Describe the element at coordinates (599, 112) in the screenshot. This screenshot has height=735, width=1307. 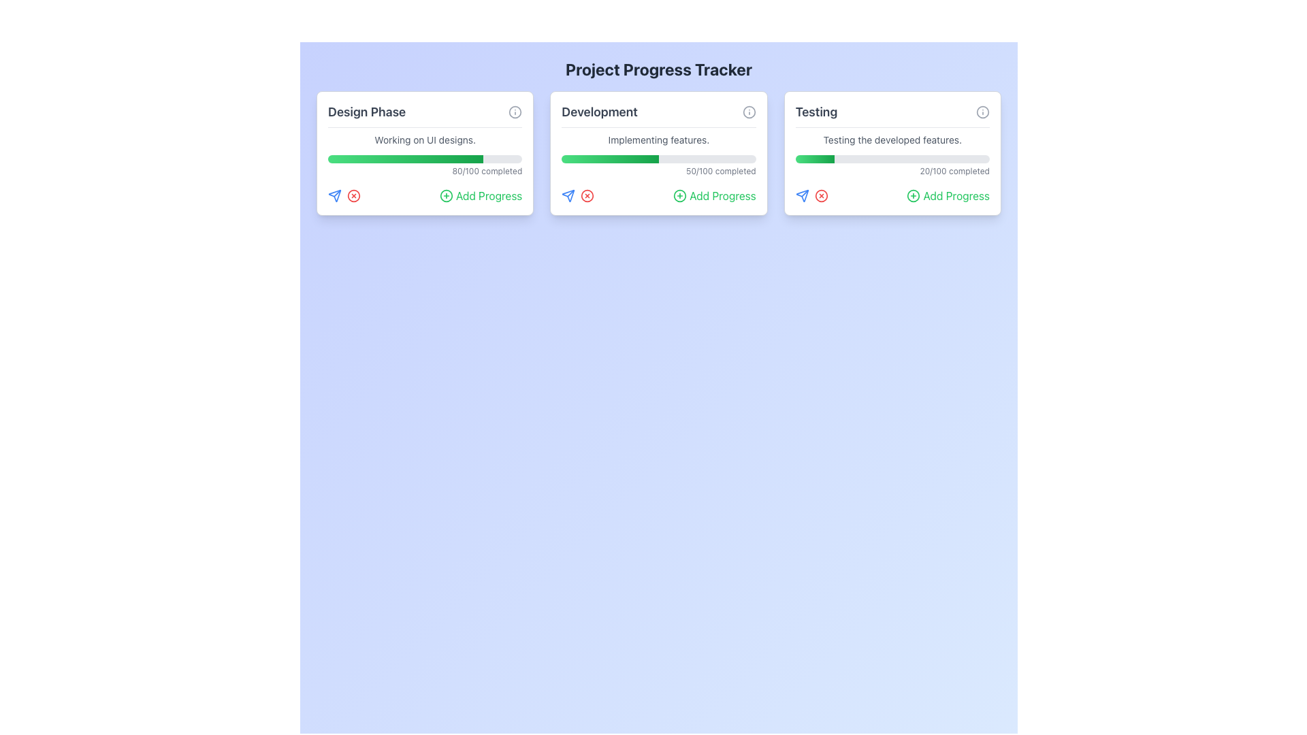
I see `the text label located at the top of the center card in a three-card horizontal layout, which serves as the title for its section` at that location.